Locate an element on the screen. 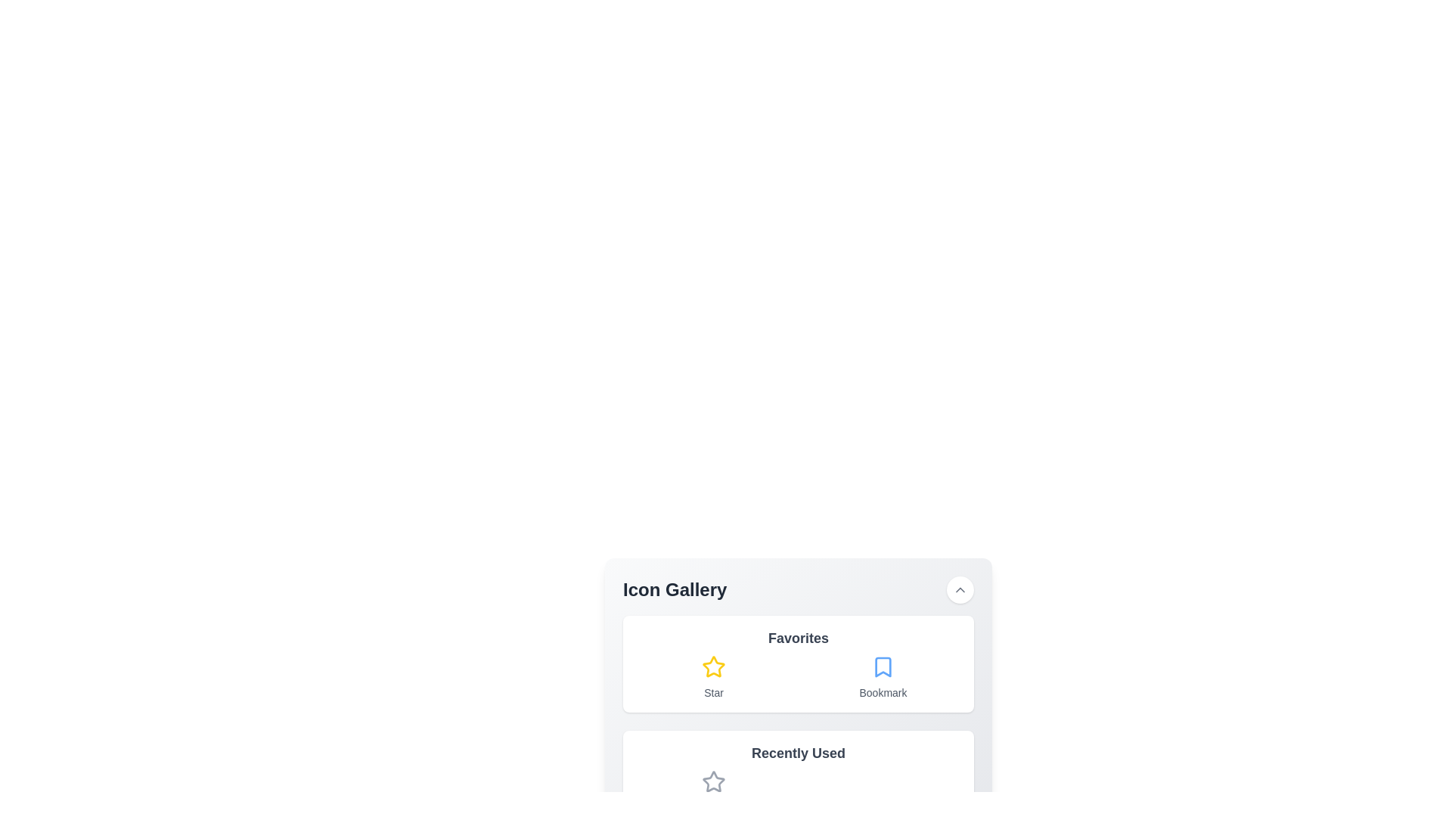 The height and width of the screenshot is (817, 1452). the text label that provides contextual information for the yellow star icon in the 'Favorites' section of the interface is located at coordinates (713, 692).